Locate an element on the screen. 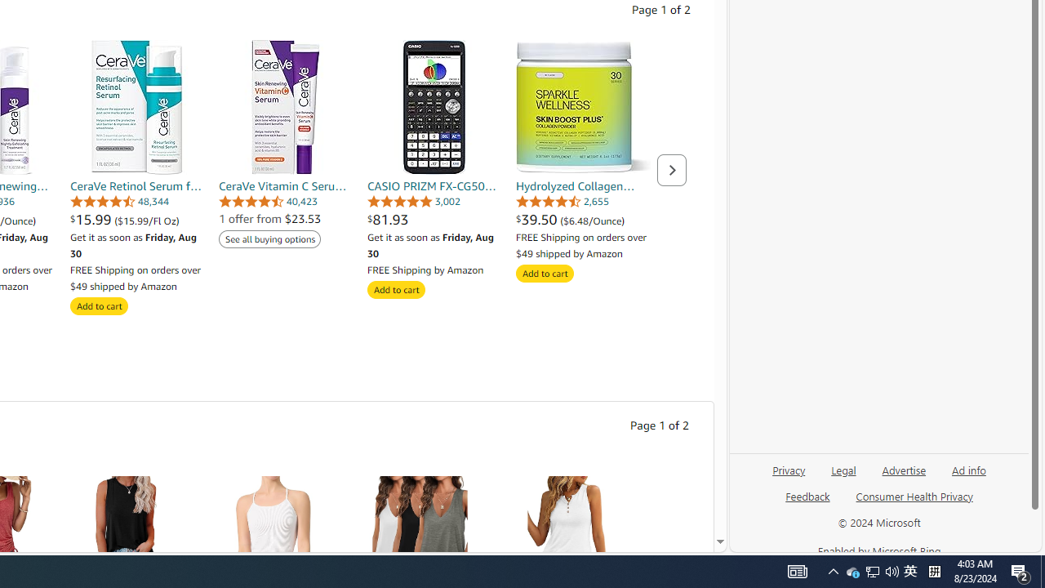 The height and width of the screenshot is (588, 1045). 'Legal' is located at coordinates (843, 476).